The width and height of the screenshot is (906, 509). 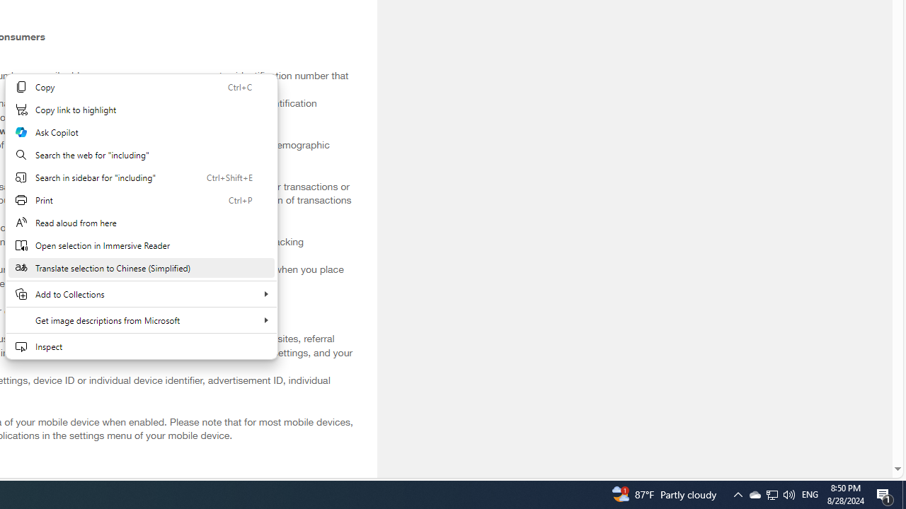 What do you see at coordinates (141, 154) in the screenshot?
I see `'Search the web for "including"'` at bounding box center [141, 154].